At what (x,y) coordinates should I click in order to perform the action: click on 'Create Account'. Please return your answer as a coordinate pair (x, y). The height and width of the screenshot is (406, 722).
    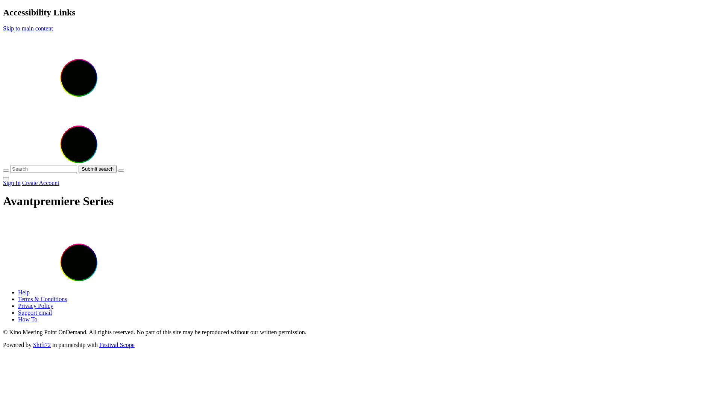
    Looking at the image, I should click on (40, 183).